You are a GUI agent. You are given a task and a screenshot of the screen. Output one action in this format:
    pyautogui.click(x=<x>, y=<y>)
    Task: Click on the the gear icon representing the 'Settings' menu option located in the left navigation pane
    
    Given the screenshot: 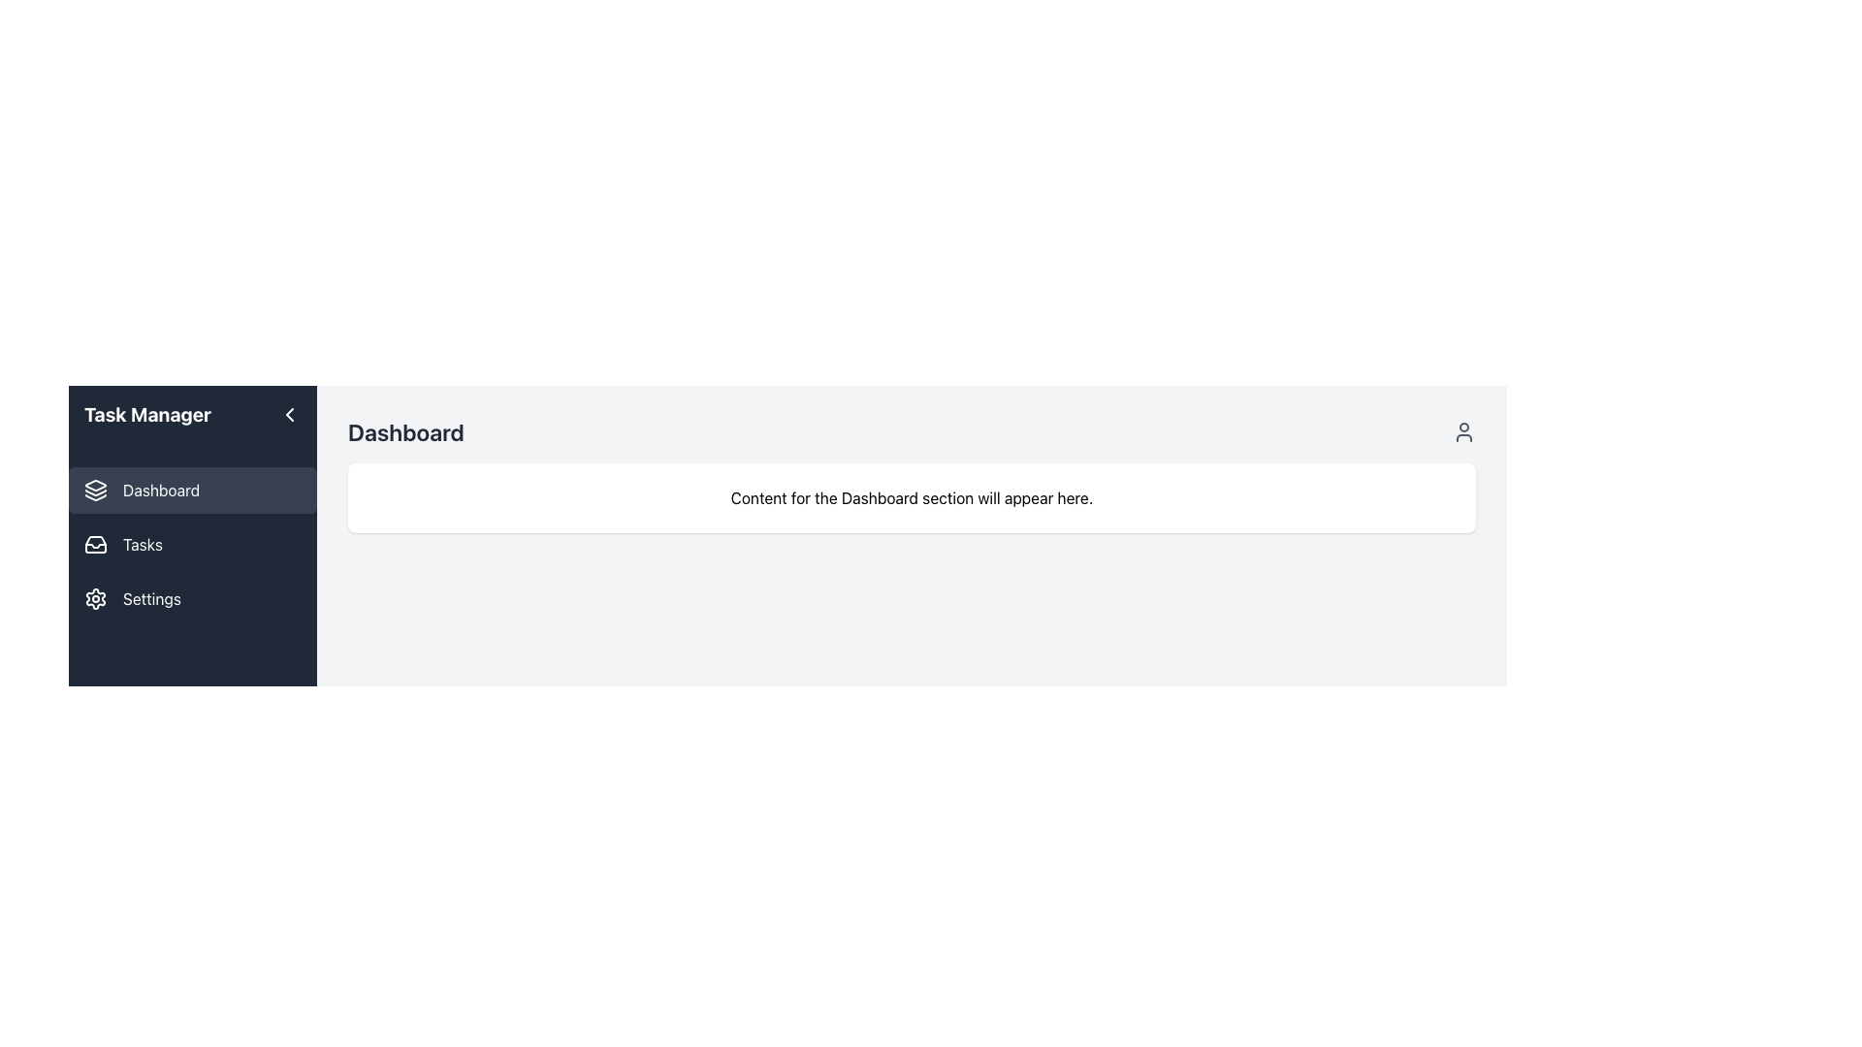 What is the action you would take?
    pyautogui.click(x=95, y=597)
    